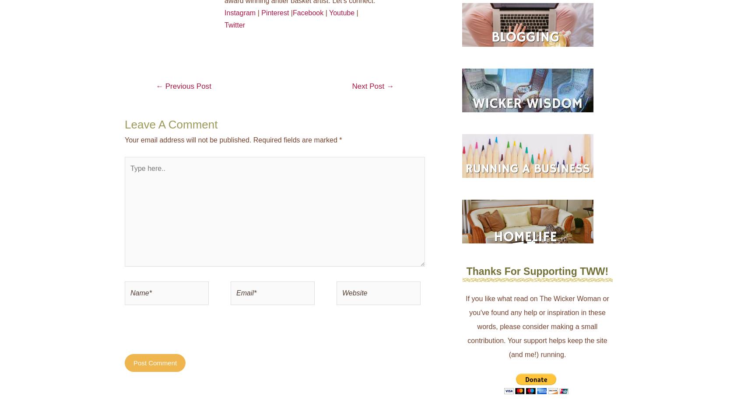 Image resolution: width=744 pixels, height=399 pixels. I want to click on 'Twitter', so click(234, 24).